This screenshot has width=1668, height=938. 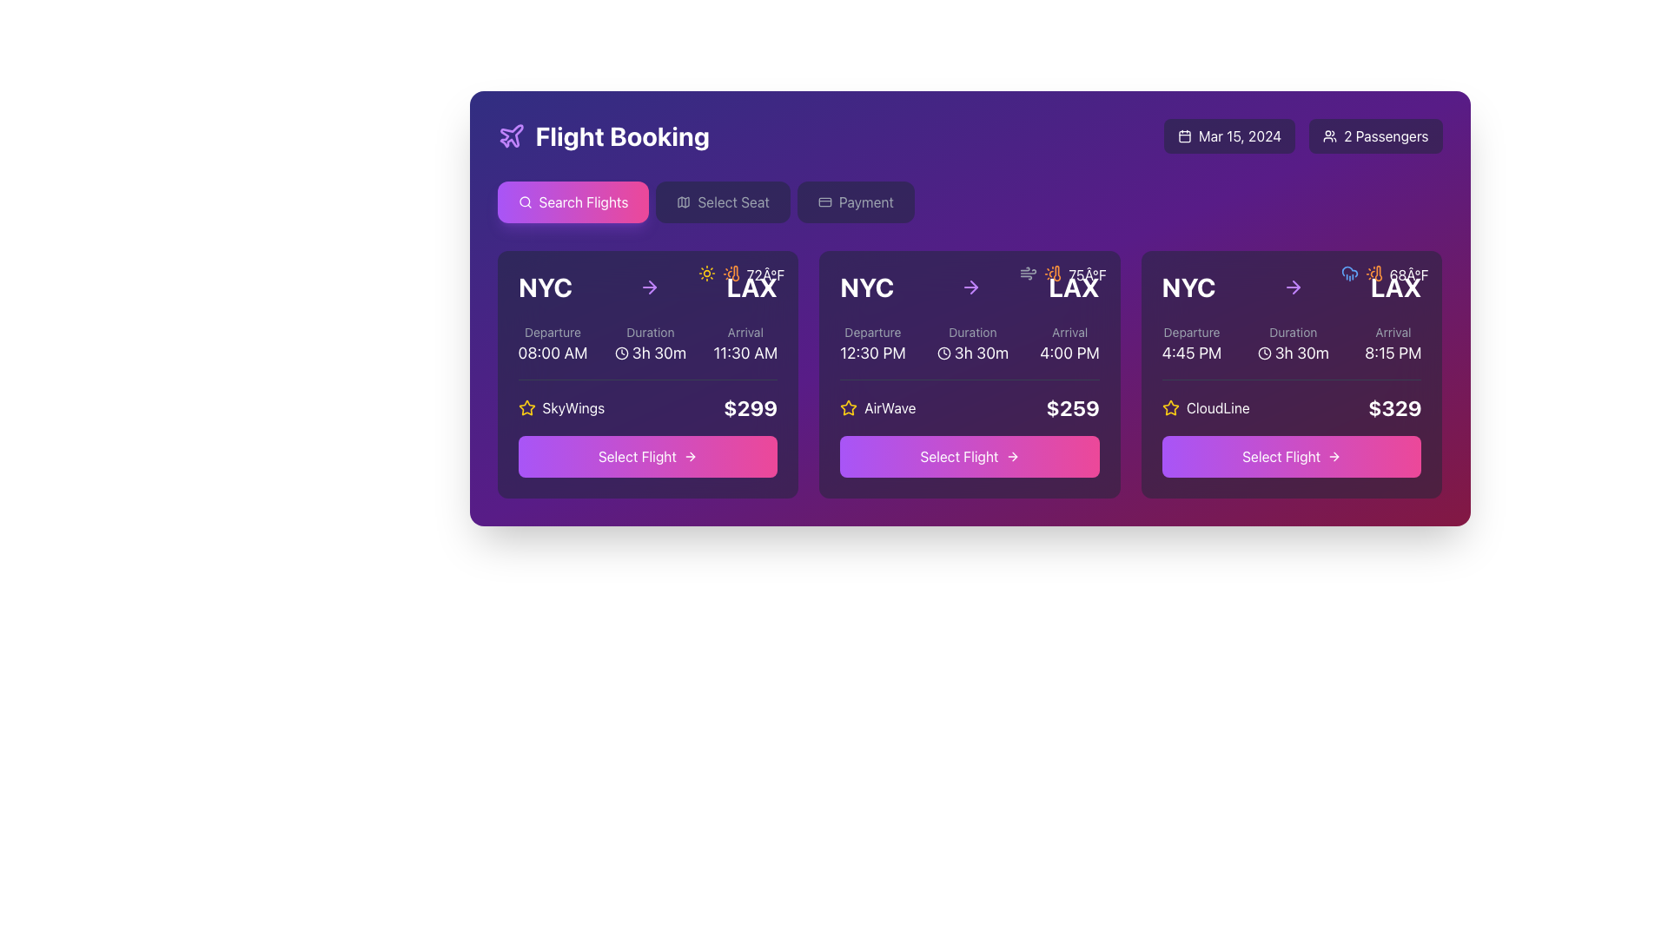 What do you see at coordinates (1012, 455) in the screenshot?
I see `the 'Select Flight' button which contains the arrow icon indicating the proceed action` at bounding box center [1012, 455].